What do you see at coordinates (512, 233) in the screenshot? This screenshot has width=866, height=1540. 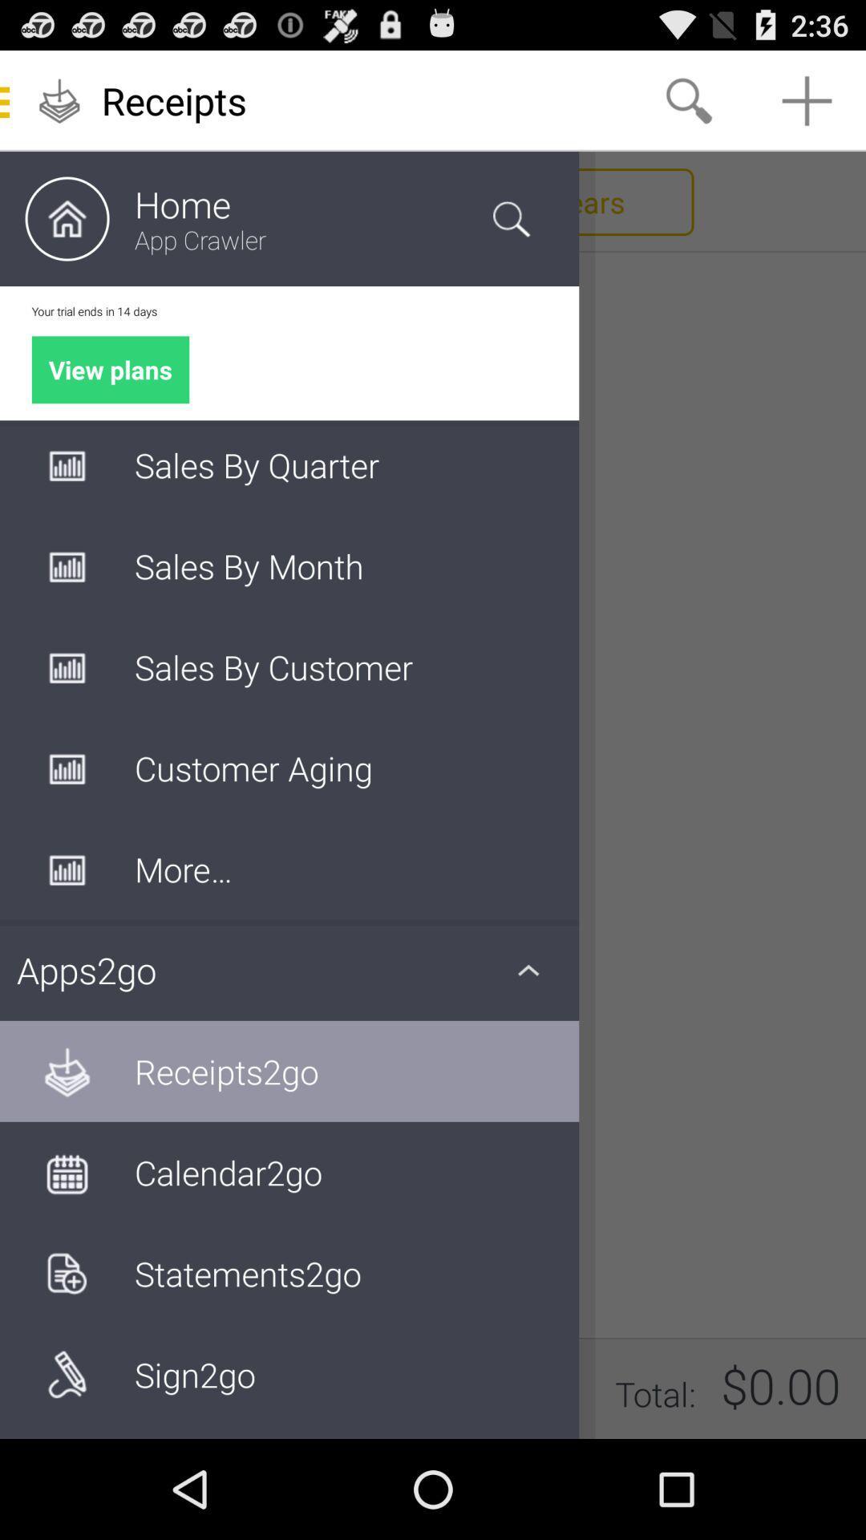 I see `the search icon` at bounding box center [512, 233].